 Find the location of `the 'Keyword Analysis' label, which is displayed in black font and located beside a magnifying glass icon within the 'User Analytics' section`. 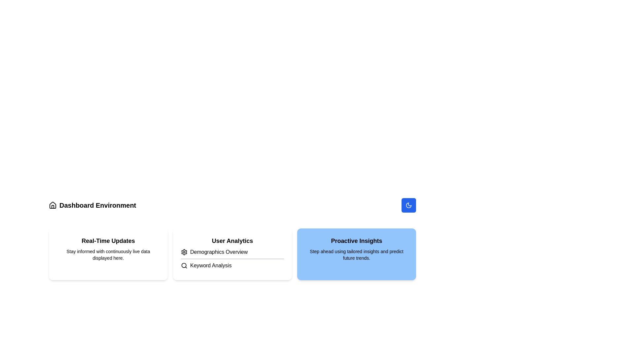

the 'Keyword Analysis' label, which is displayed in black font and located beside a magnifying glass icon within the 'User Analytics' section is located at coordinates (210, 265).